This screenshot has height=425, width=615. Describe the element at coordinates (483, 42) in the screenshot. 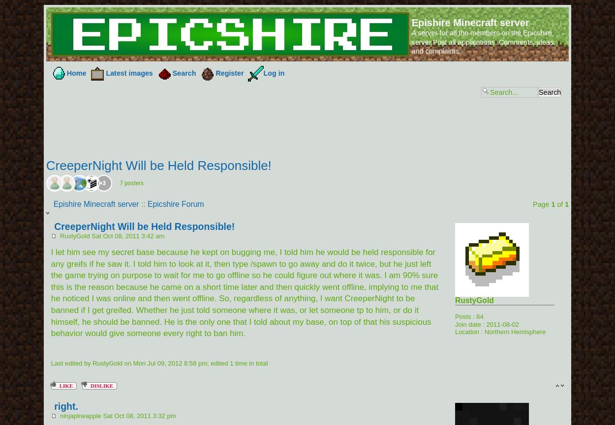

I see `'A server for all the members on the Epicshire server.Post all applications, Comments, ideas, and complaints'` at that location.